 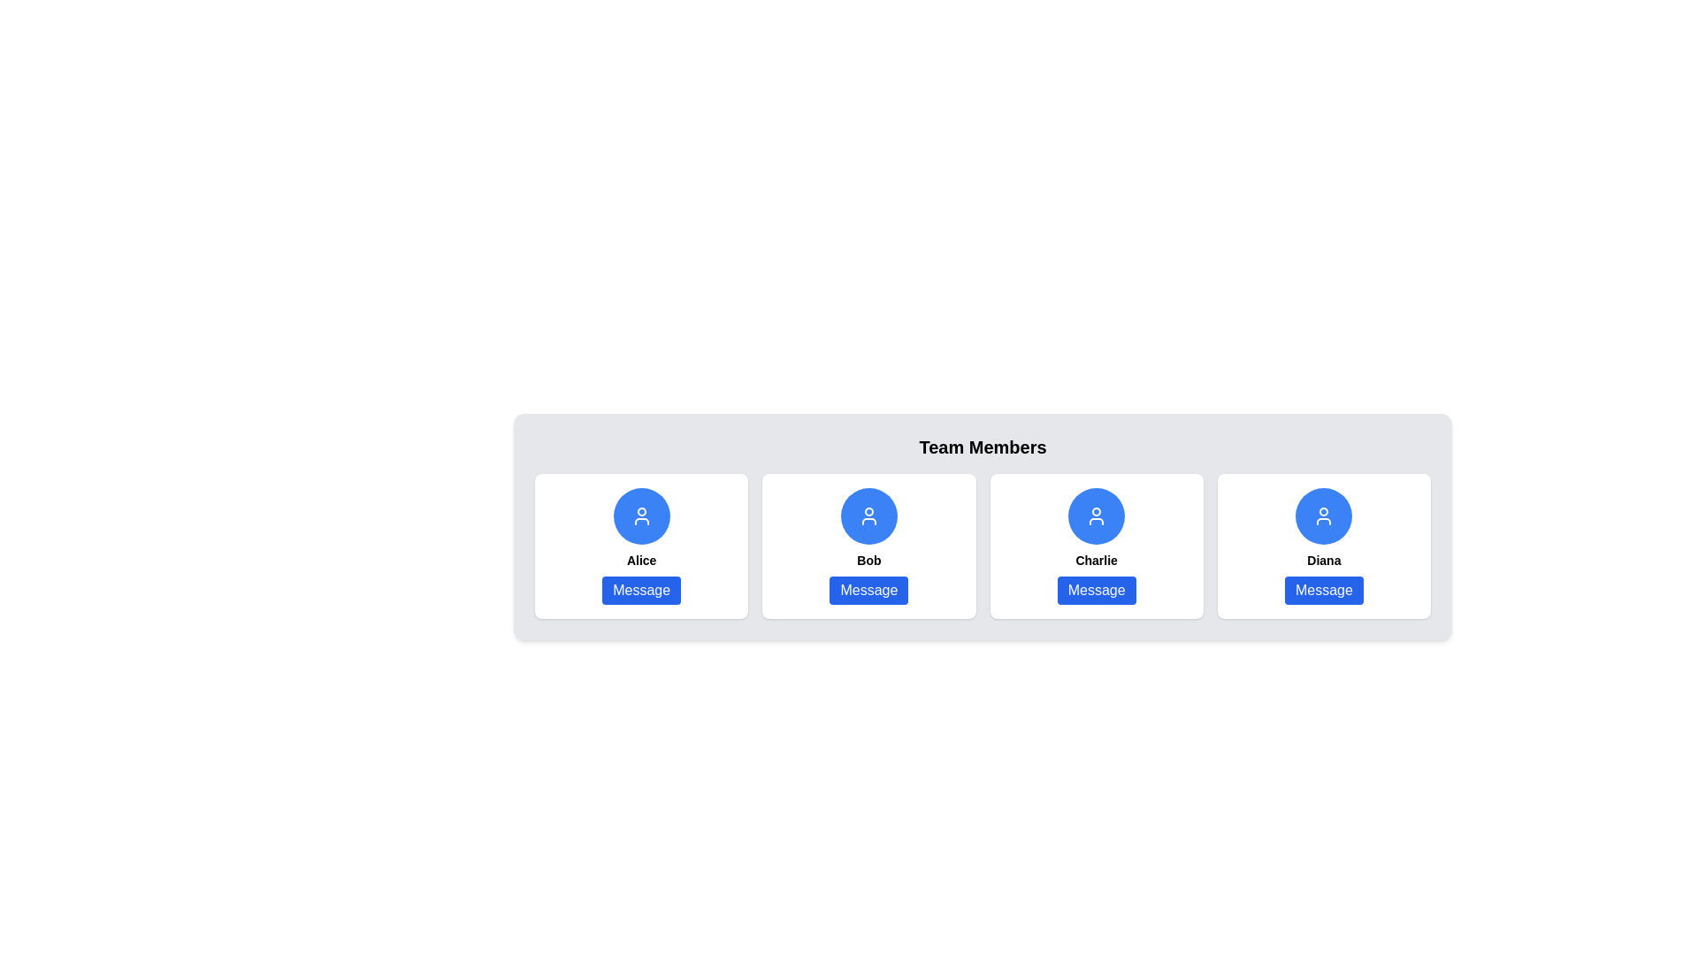 What do you see at coordinates (868, 516) in the screenshot?
I see `the circular Icon button featuring a white user icon on a blue background, located at the top center of the card labeled 'Bob'` at bounding box center [868, 516].